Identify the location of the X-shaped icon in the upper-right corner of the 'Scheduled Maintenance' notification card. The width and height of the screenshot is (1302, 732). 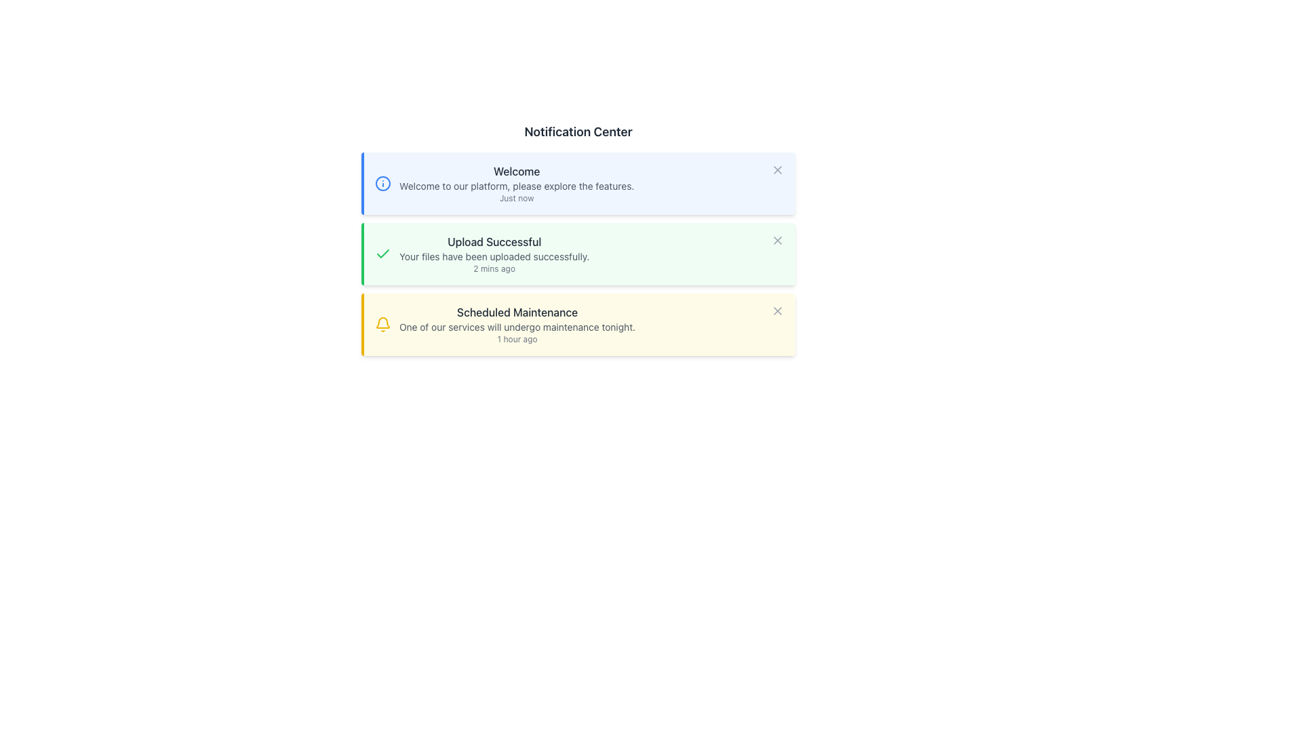
(778, 311).